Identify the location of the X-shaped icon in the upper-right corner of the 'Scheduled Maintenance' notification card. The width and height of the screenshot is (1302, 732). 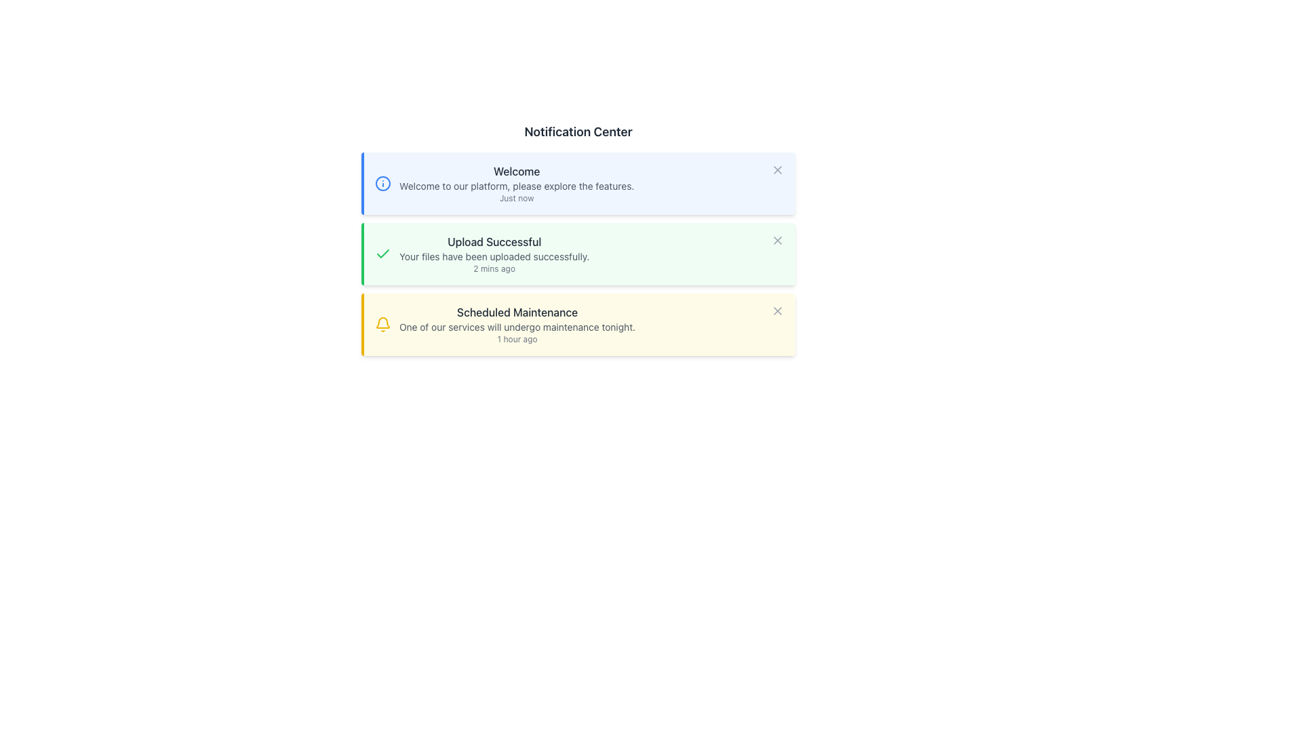
(778, 311).